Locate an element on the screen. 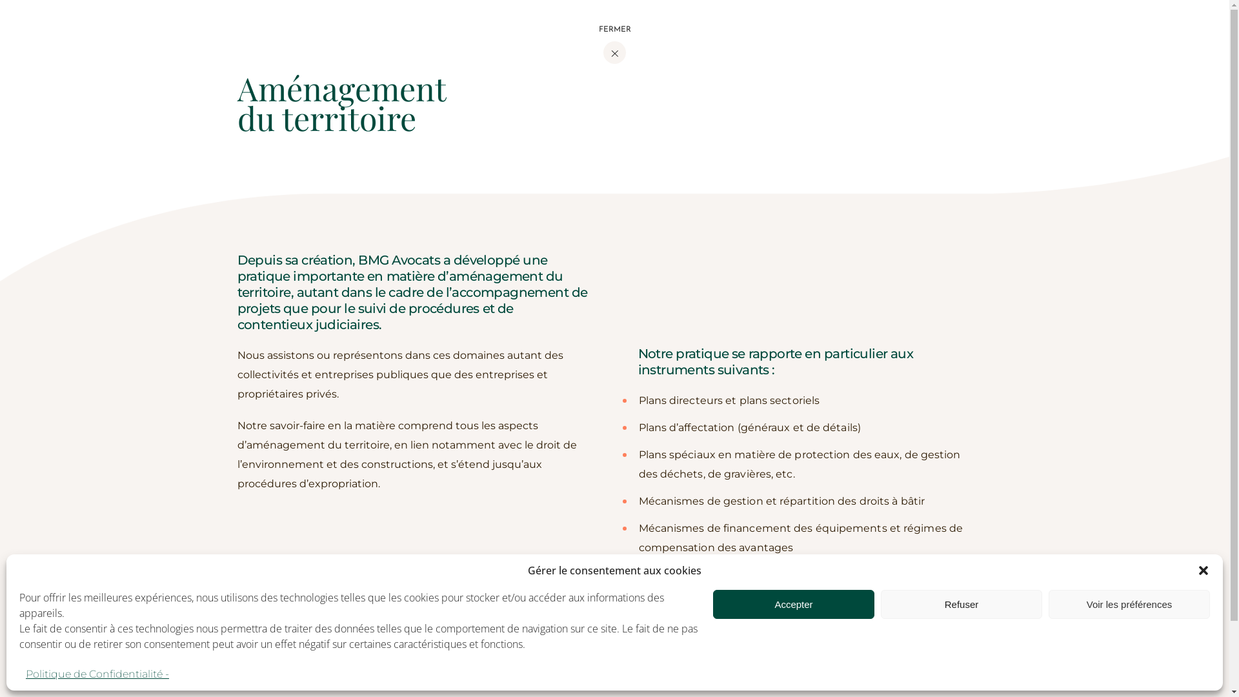 Image resolution: width=1239 pixels, height=697 pixels. 'Accepter' is located at coordinates (792, 604).